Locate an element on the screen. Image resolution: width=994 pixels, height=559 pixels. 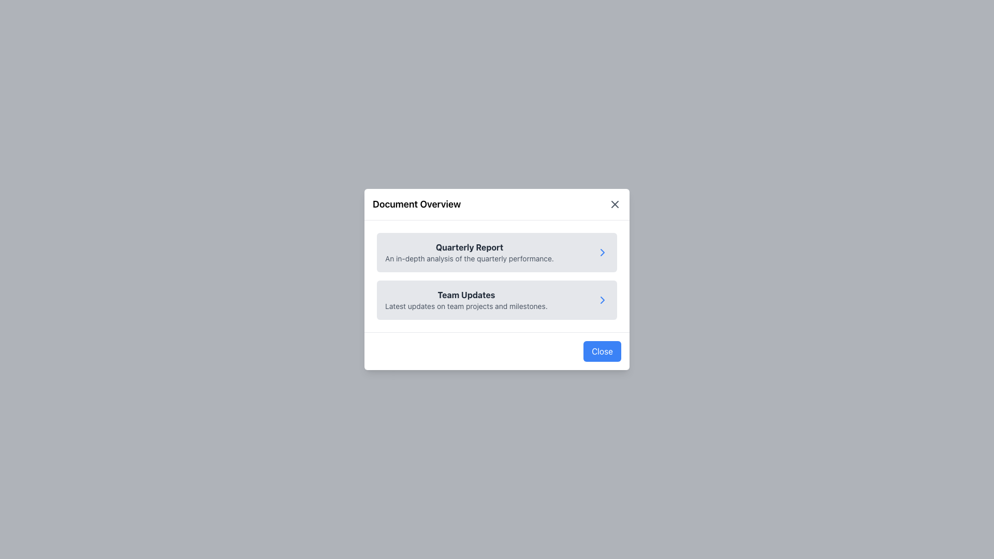
the close button located in the top-right corner of the 'Document Overview' dialog is located at coordinates (615, 204).